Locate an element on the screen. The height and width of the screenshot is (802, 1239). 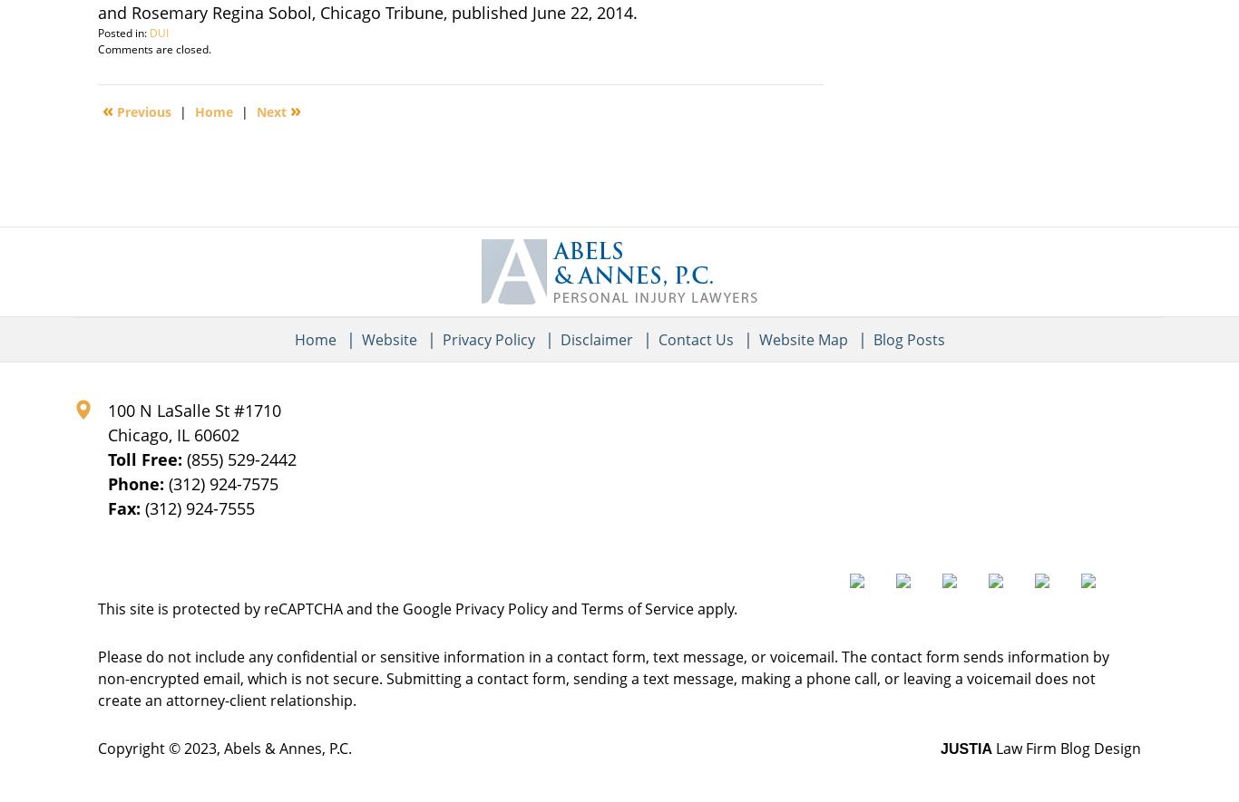
'Please do not include any confidential or sensitive information in a contact form, text message, or voicemail. The contact form sends information by non-encrypted email, which is not secure. Submitting a contact form, sending a text message, making a phone call, or leaving a voicemail does not create an attorney-client relationship.' is located at coordinates (602, 678).